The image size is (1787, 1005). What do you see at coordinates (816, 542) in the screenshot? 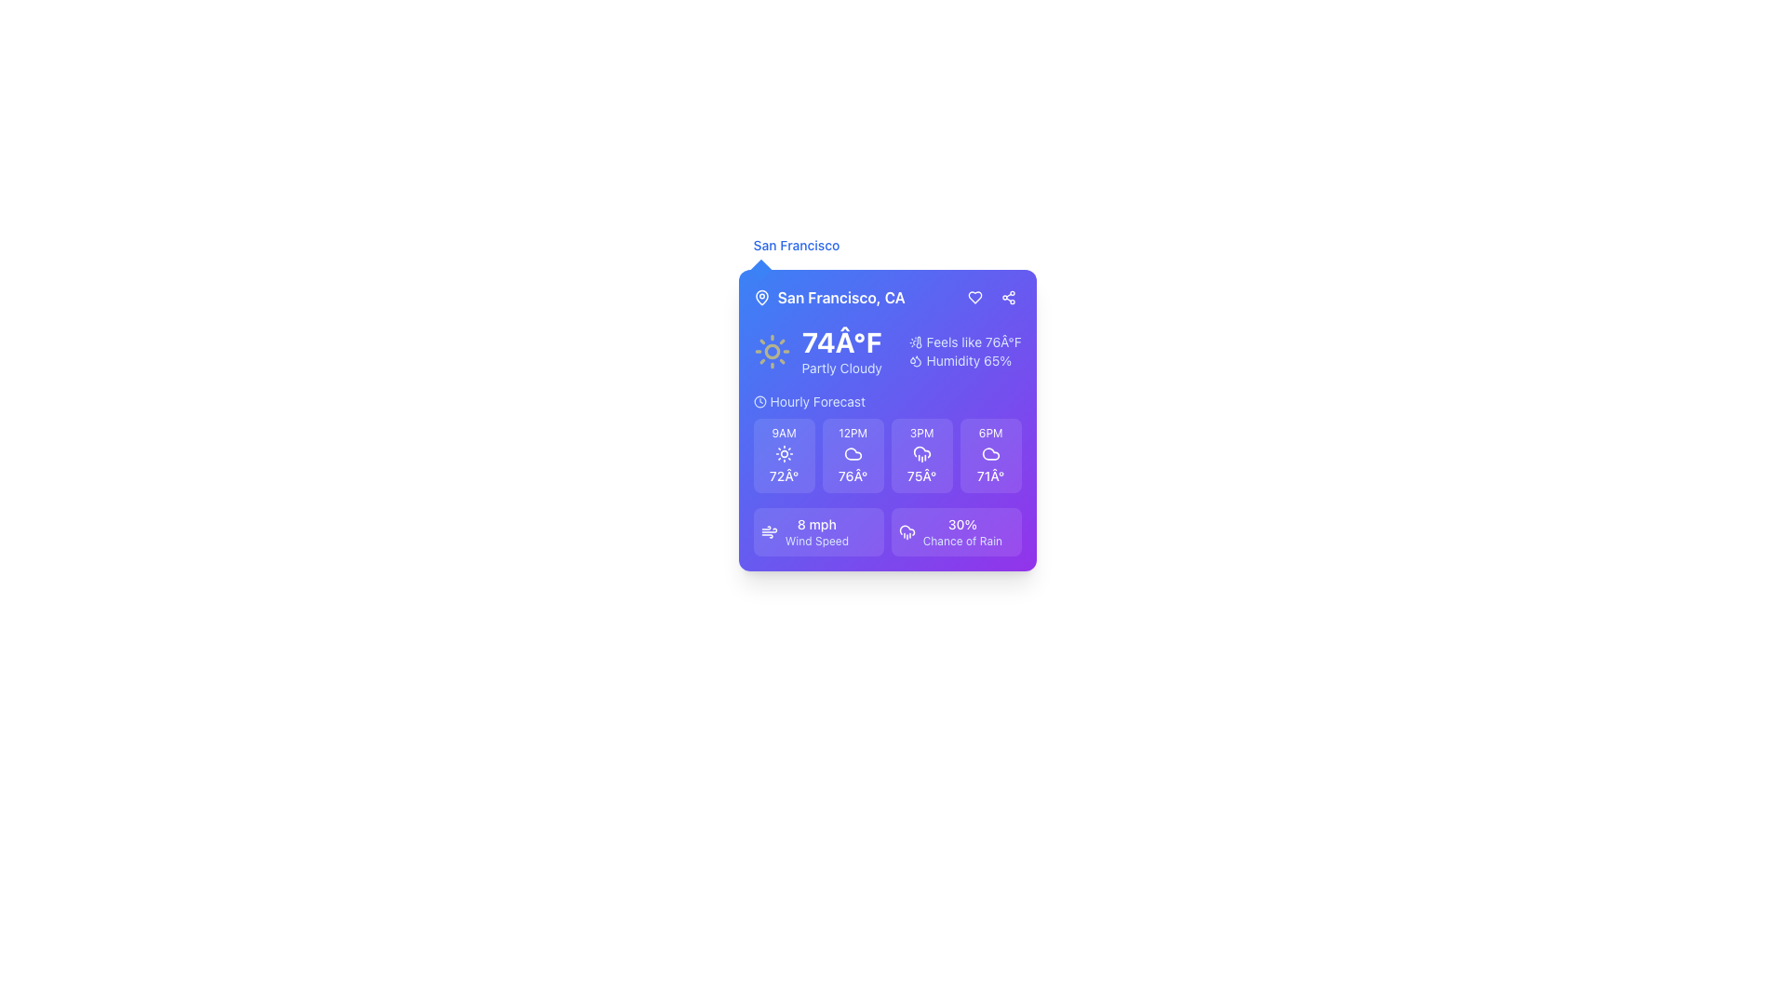
I see `the text label reading 'Wind Speed' styled with a small, light blue font, located below the numeric wind speed value '8 mph' in the weather widget` at bounding box center [816, 542].